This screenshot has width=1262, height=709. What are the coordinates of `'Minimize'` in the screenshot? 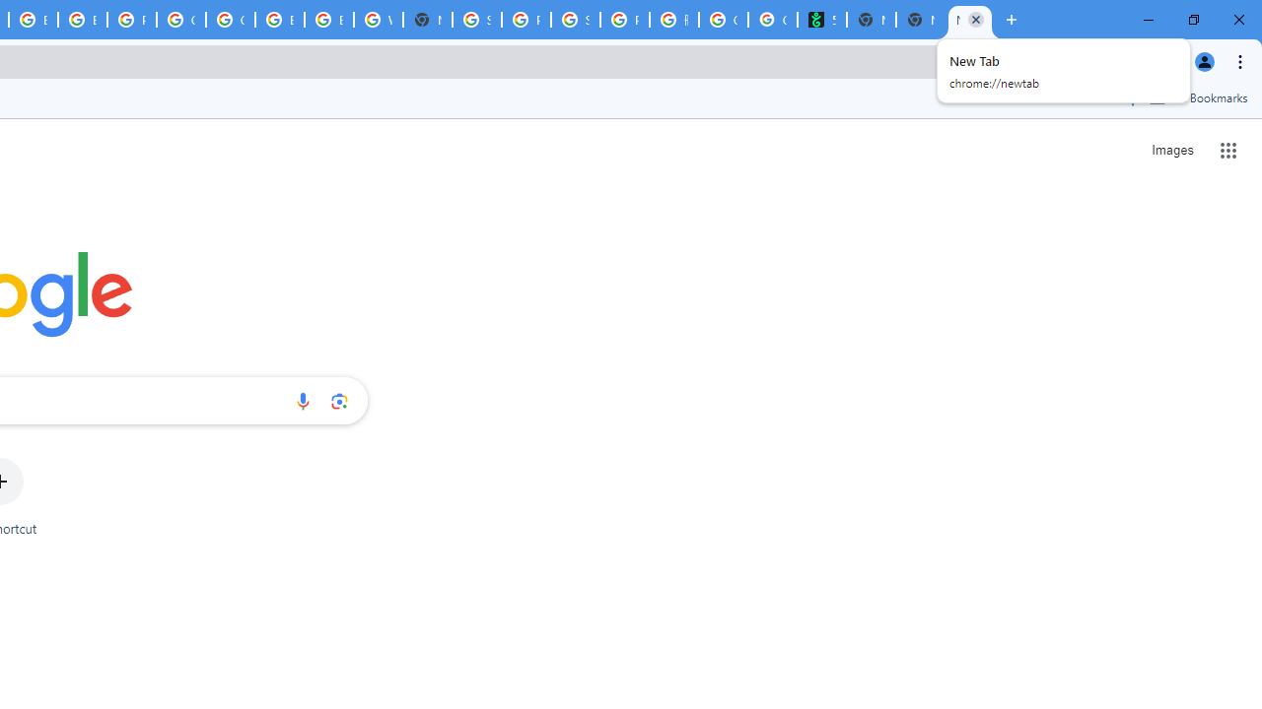 It's located at (1149, 20).